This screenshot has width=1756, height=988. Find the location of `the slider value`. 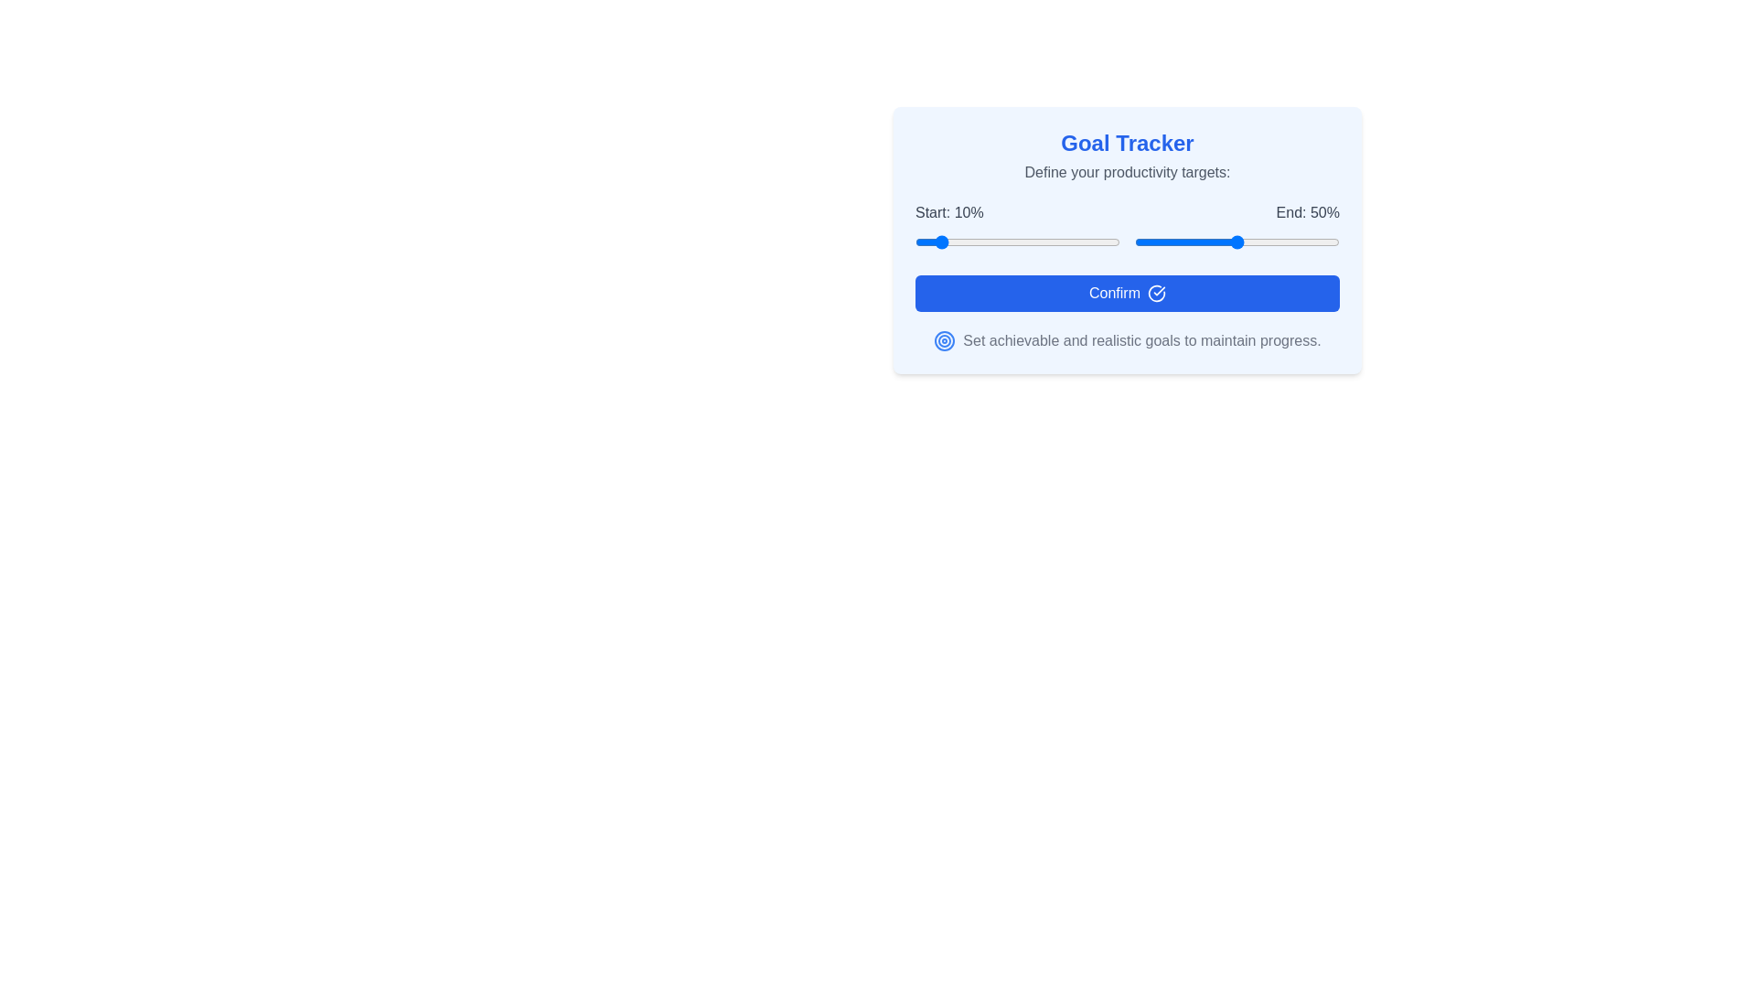

the slider value is located at coordinates (951, 242).